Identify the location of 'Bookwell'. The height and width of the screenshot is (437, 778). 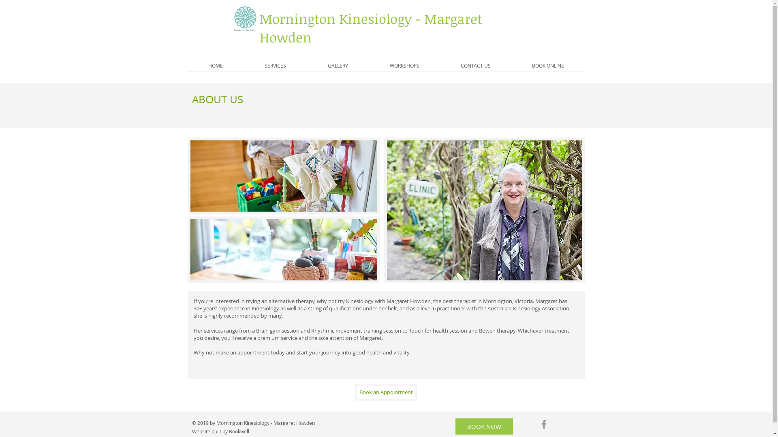
(228, 431).